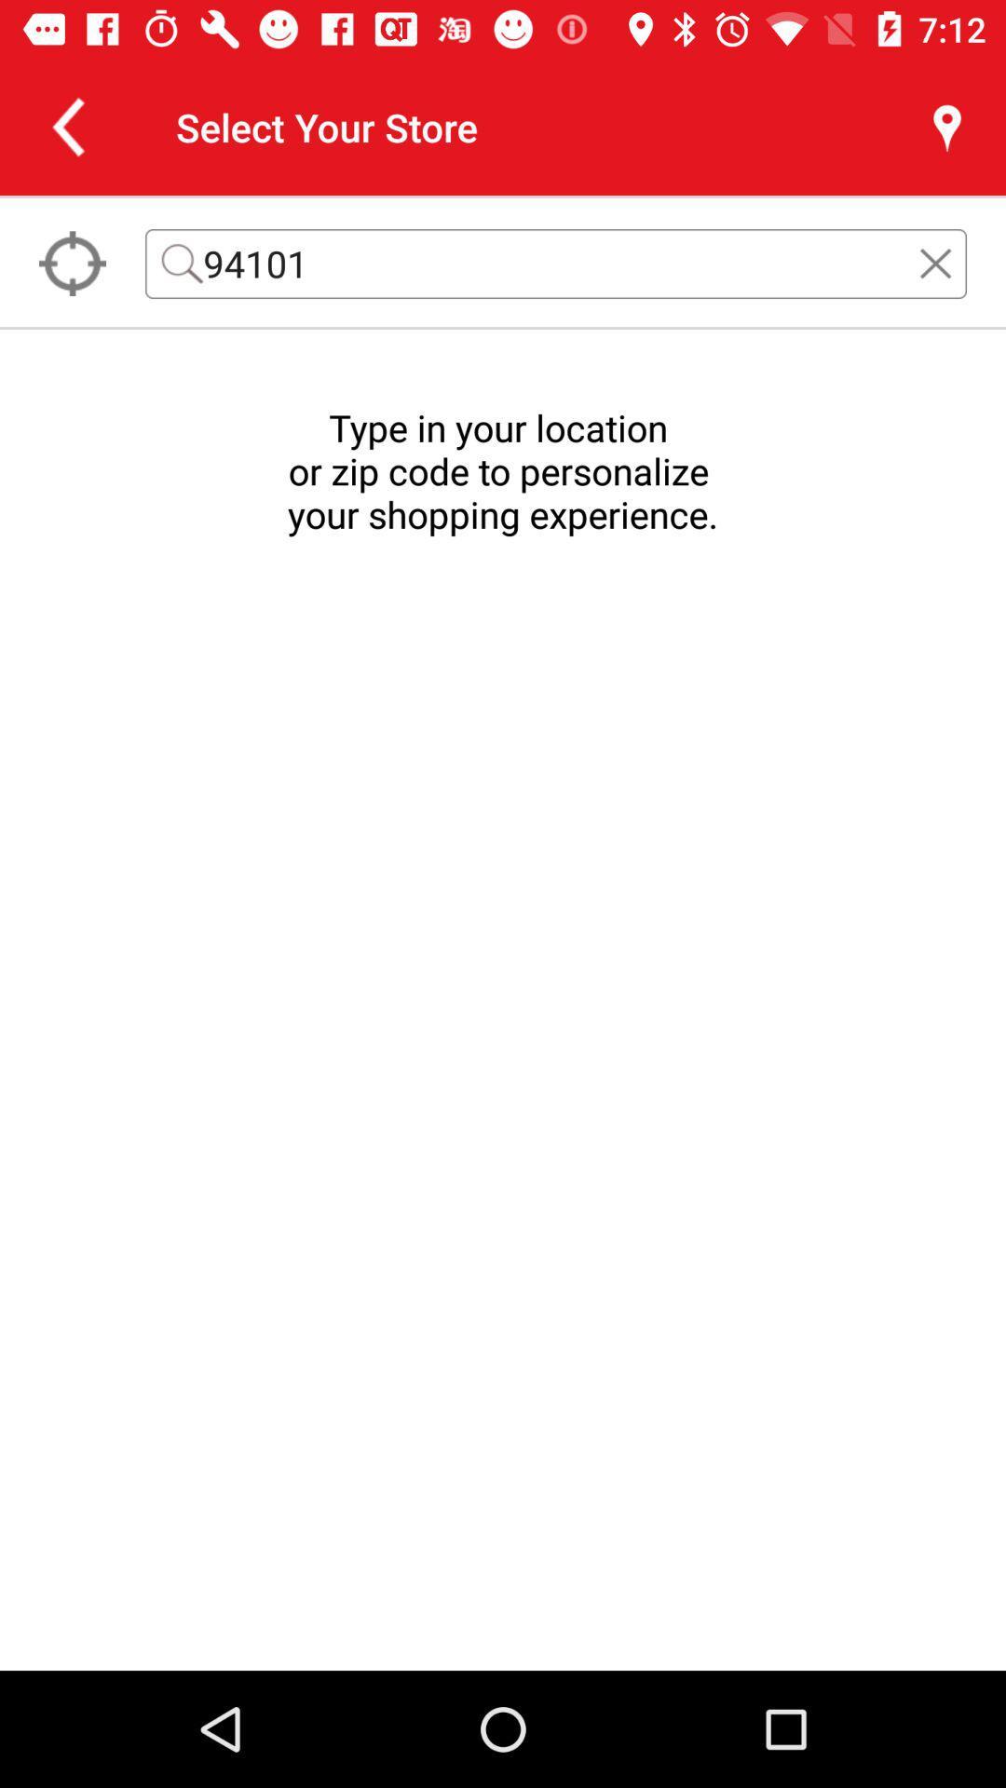 The image size is (1006, 1788). What do you see at coordinates (71, 263) in the screenshot?
I see `the location_crosshair icon` at bounding box center [71, 263].